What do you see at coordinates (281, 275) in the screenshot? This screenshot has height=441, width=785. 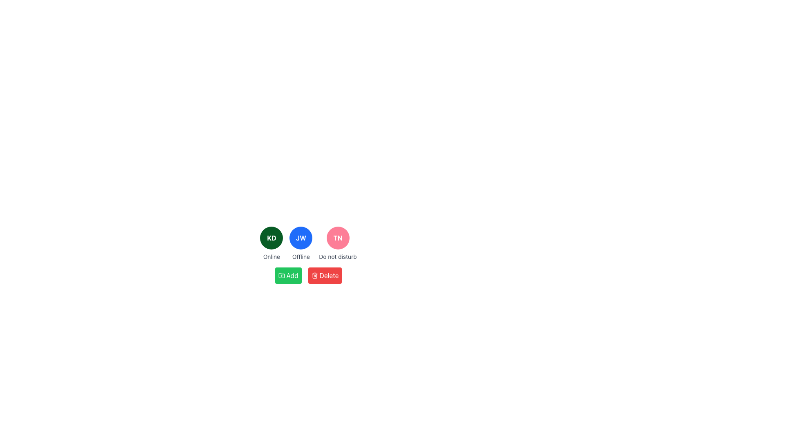 I see `the green folder icon with a plus symbol, located to the left of the 'Add' button in the middle section of the interface` at bounding box center [281, 275].